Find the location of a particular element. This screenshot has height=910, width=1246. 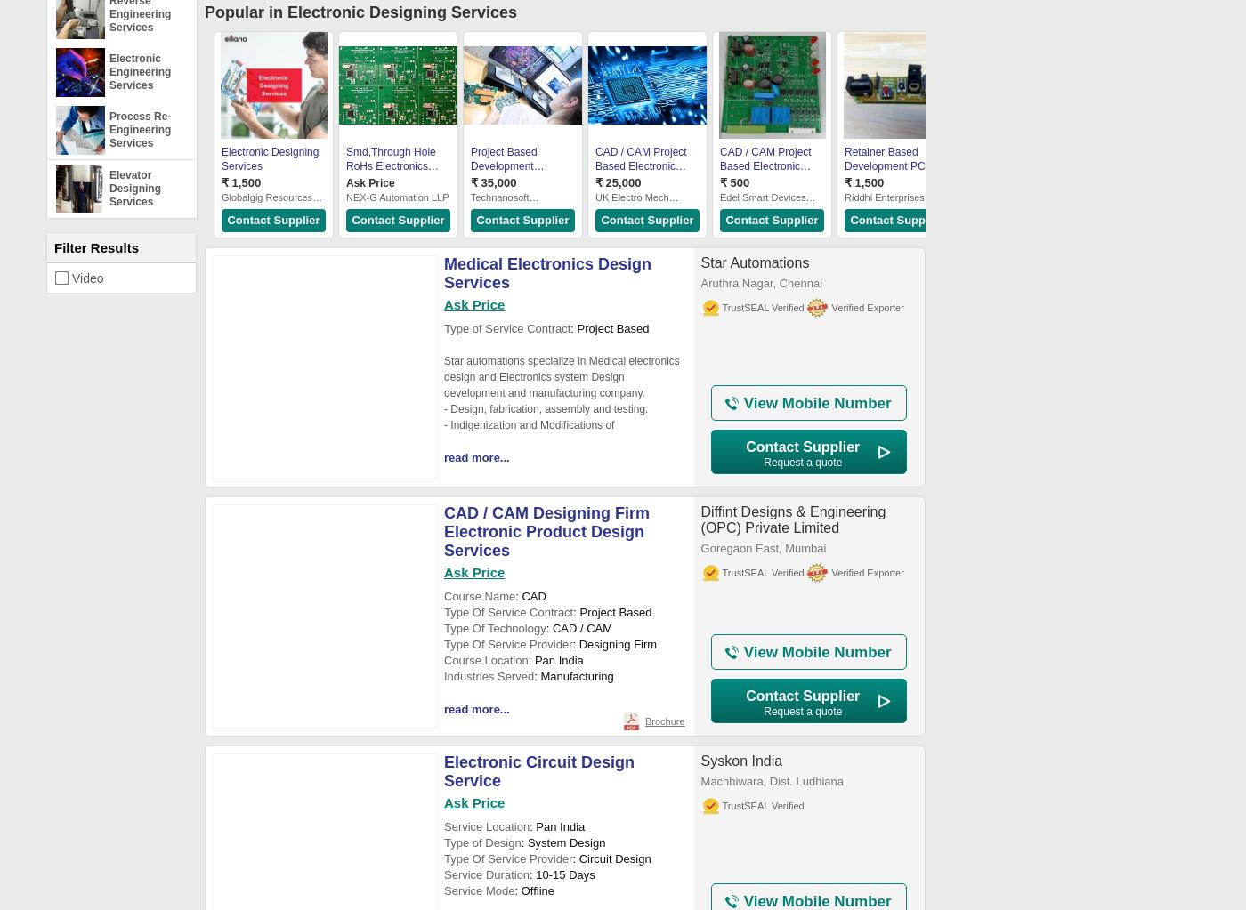

'Project Based Development Electronic Embedded Hardware Design Service, Automotive, Pan India' is located at coordinates (471, 187).